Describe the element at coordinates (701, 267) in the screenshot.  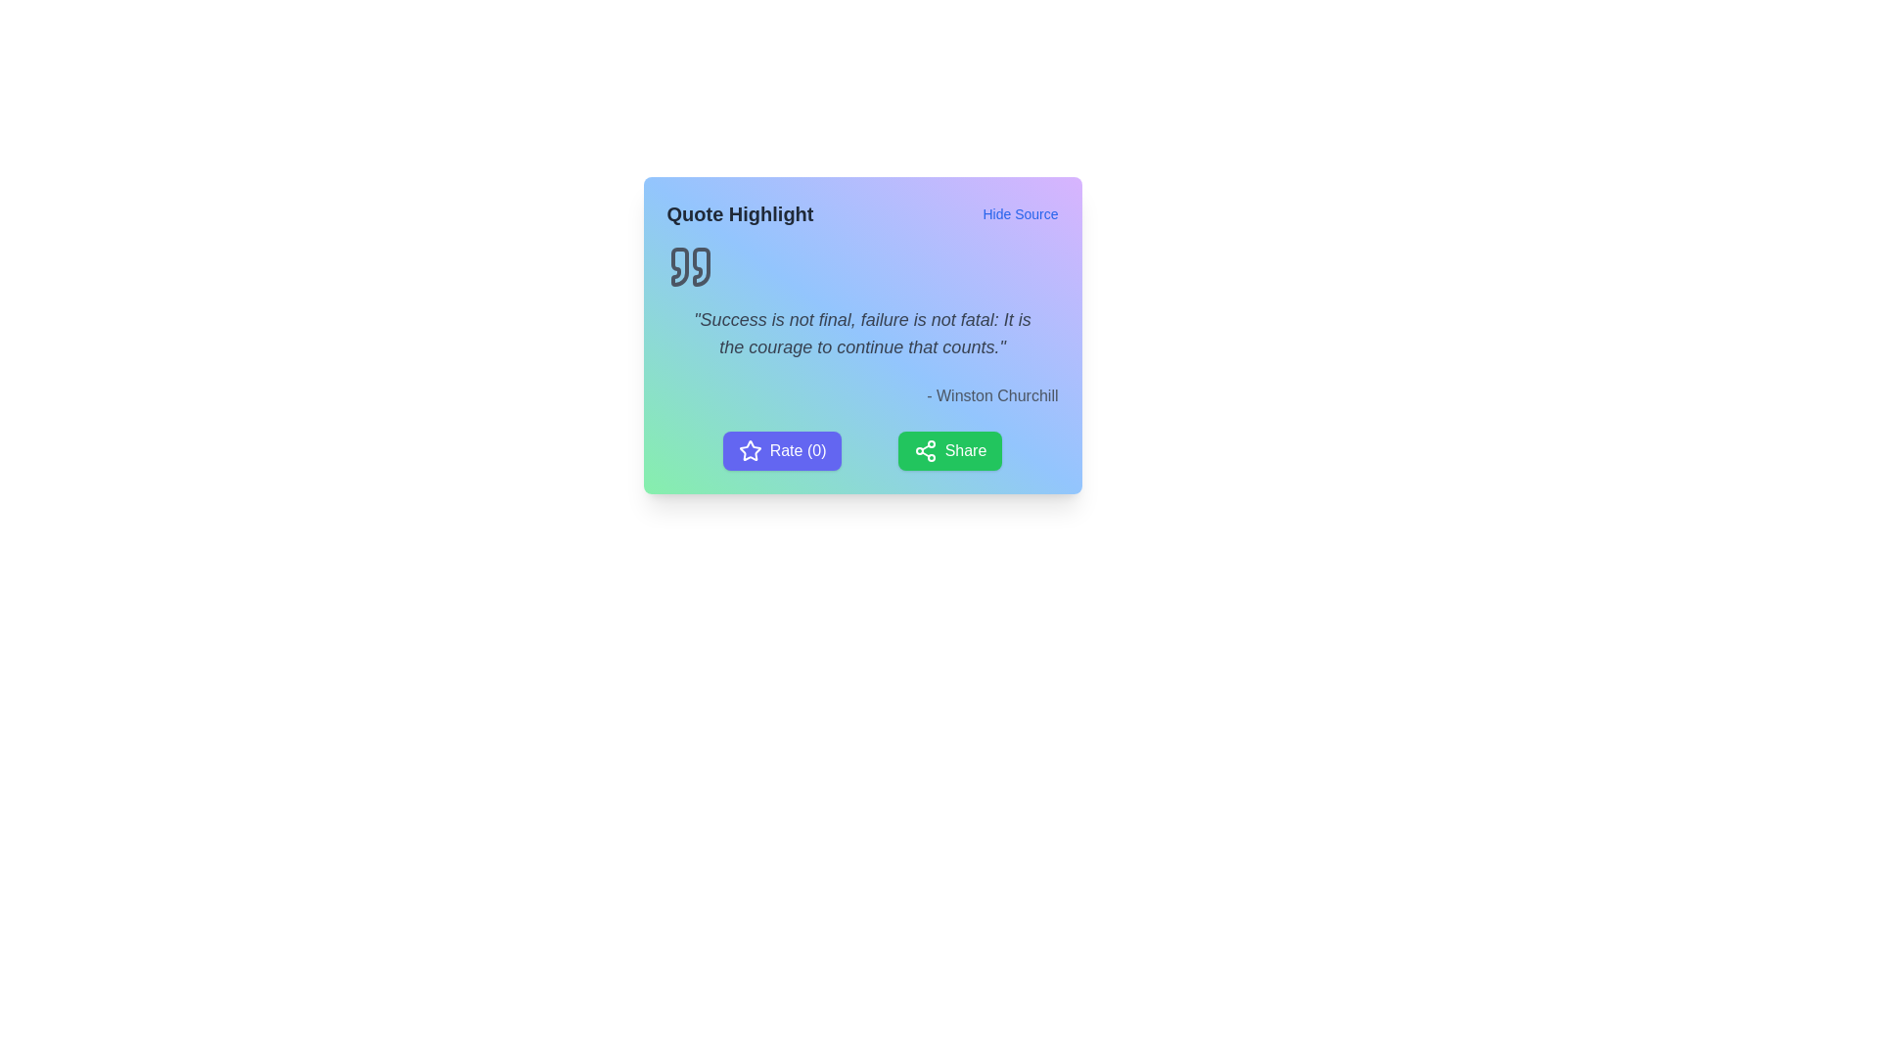
I see `the right-facing quotation mark icon, styled as a gray comma-like shape, located within the 'Quote Highlight' card component` at that location.